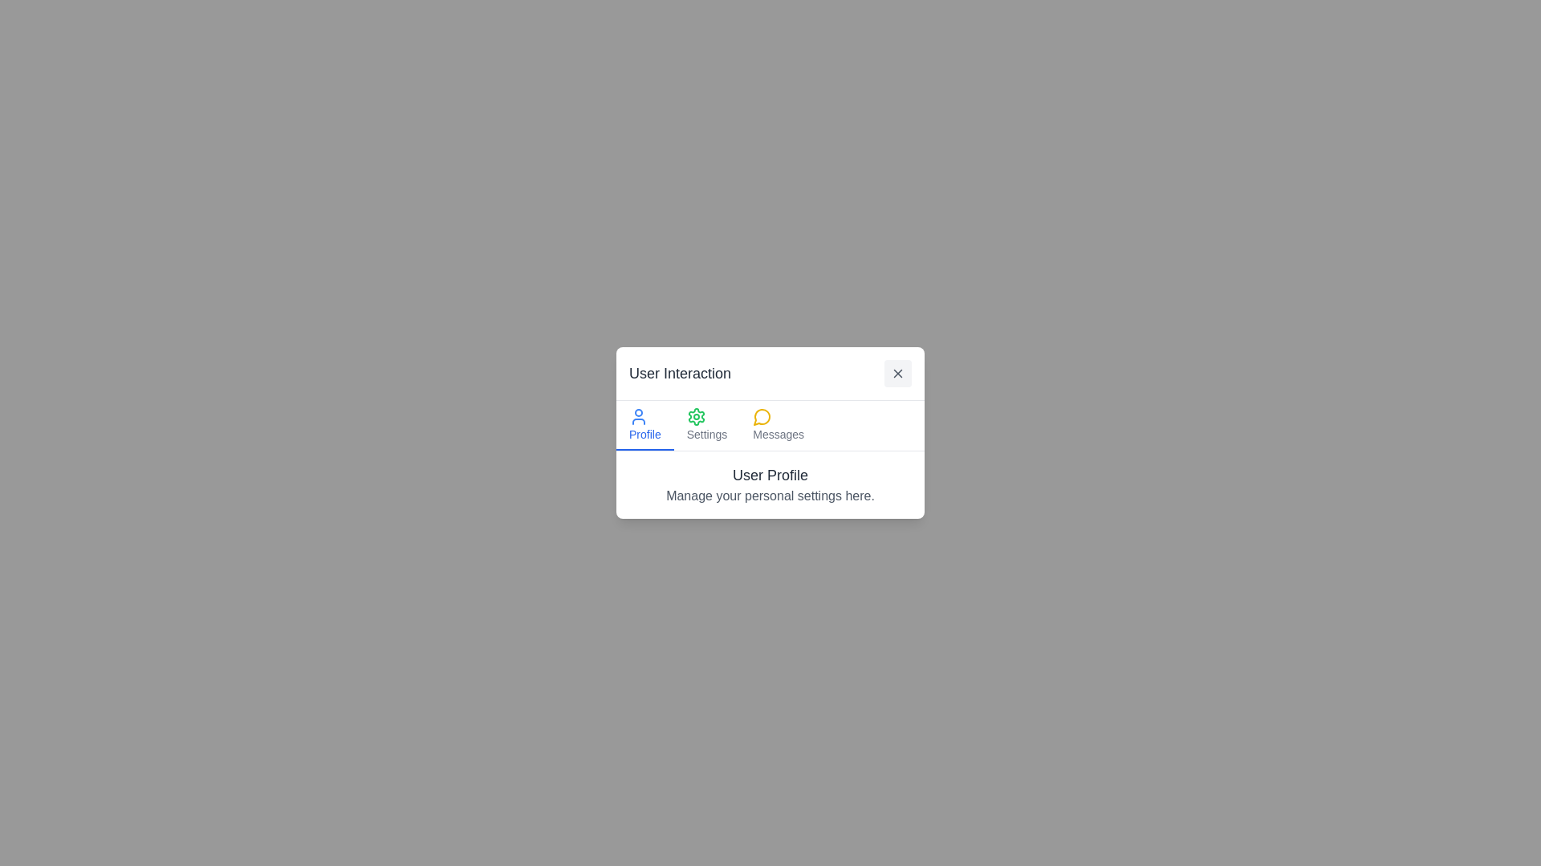  Describe the element at coordinates (897, 374) in the screenshot. I see `the Close Button located at the top-right corner of the dialog box titled 'User Interaction' to change its background color` at that location.